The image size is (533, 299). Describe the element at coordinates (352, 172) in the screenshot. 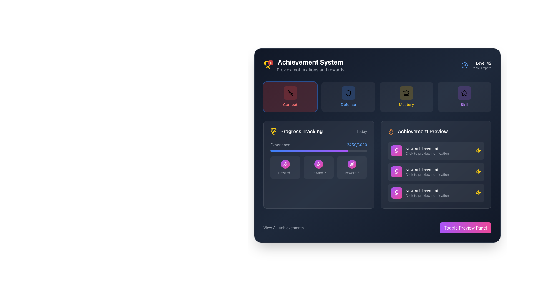

I see `the Text label that names the reward in the Progress Tracking section, positioned as the third item in a row of reward cards` at that location.